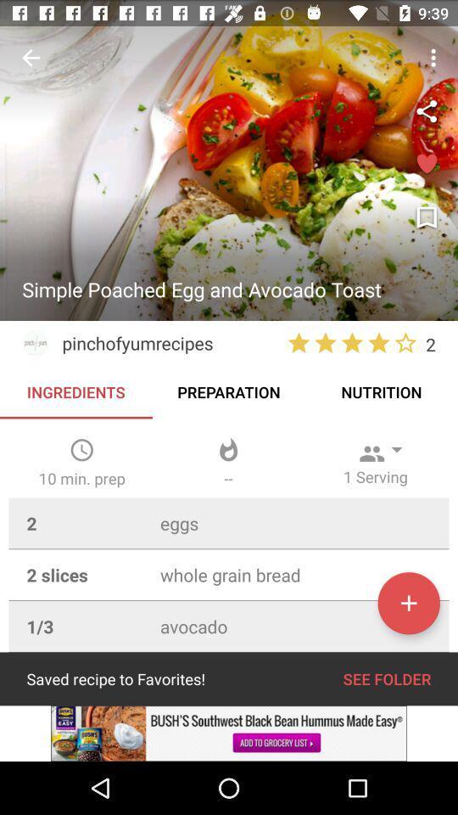 The image size is (458, 815). Describe the element at coordinates (426, 165) in the screenshot. I see `the favorite icon` at that location.